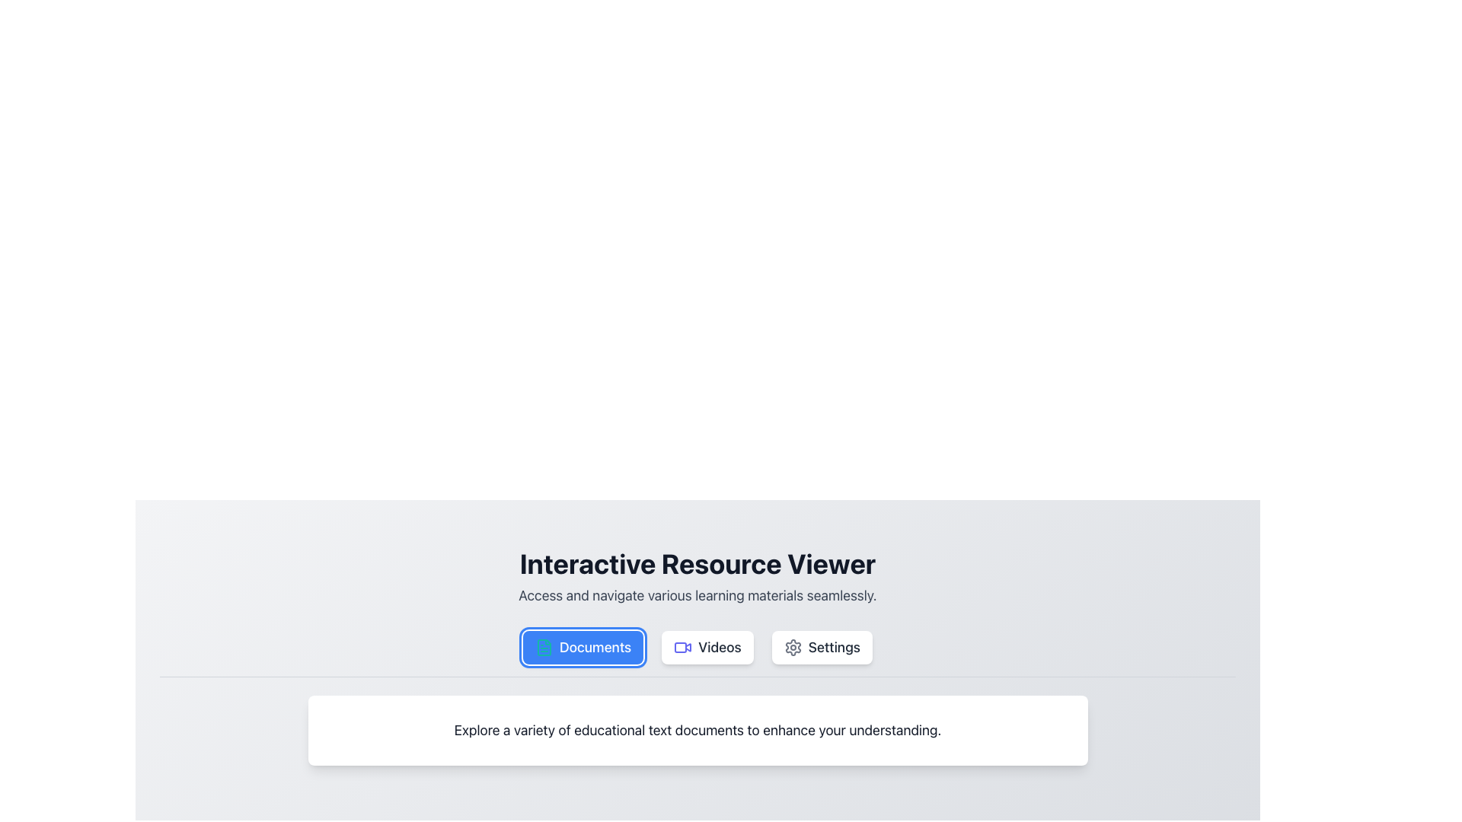 This screenshot has width=1462, height=822. I want to click on the Navigation Menu, which allows users, so click(697, 653).